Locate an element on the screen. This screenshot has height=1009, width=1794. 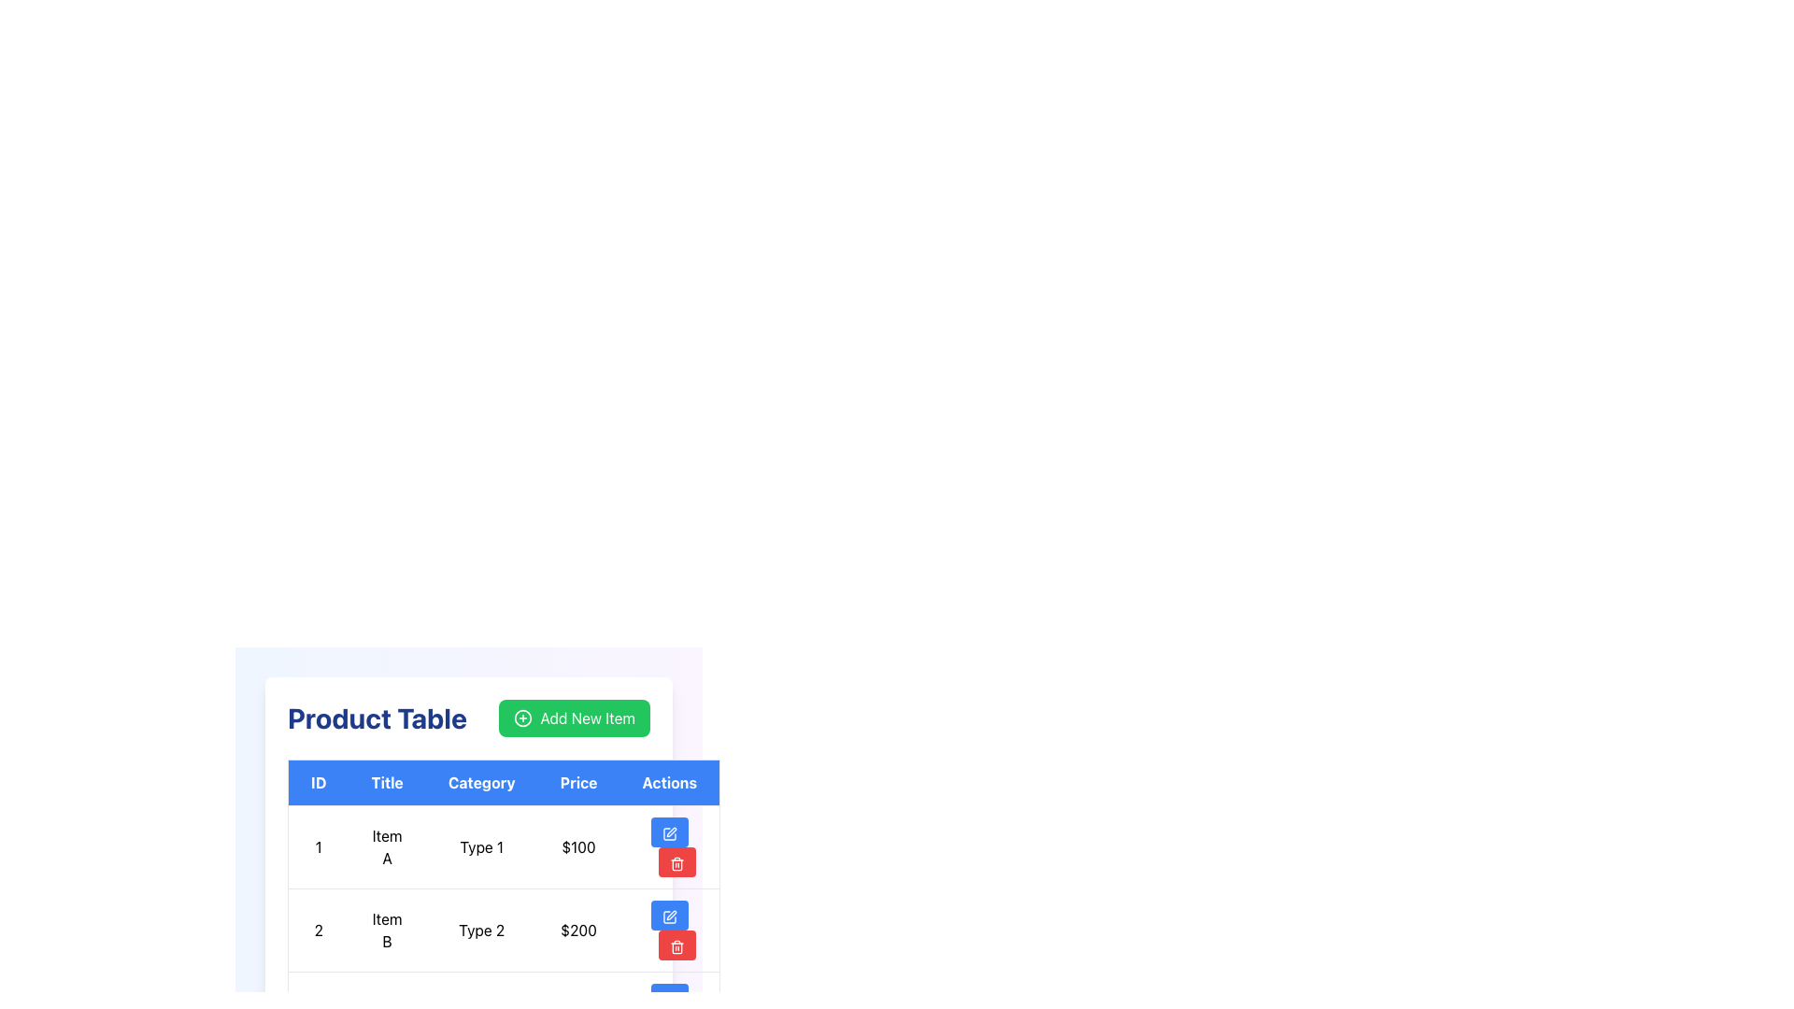
the static text element in the third column of the second row of the 'Product Table', which displays the category information for 'Item B' is located at coordinates (481, 930).